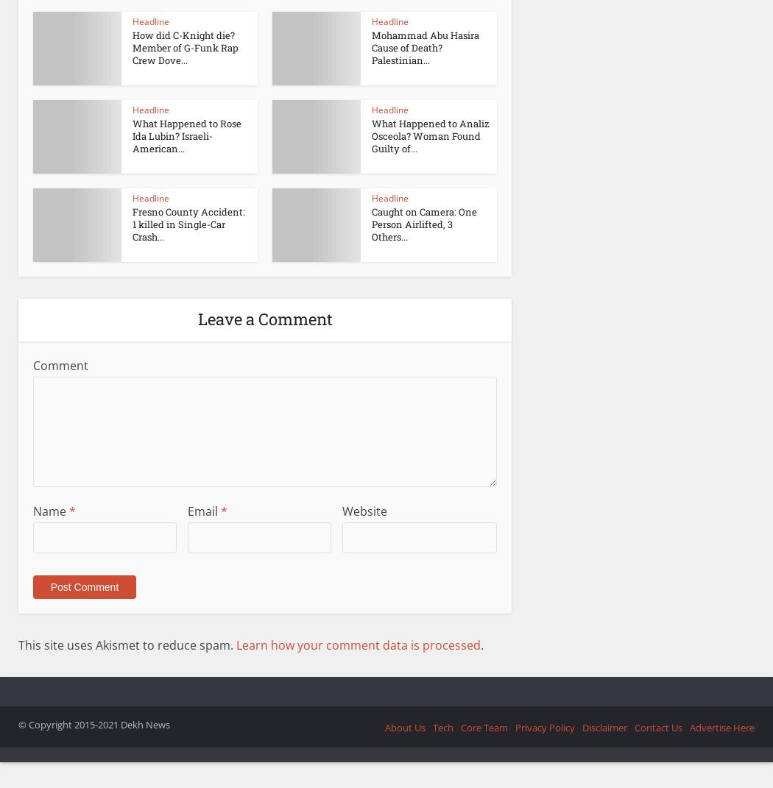 This screenshot has height=788, width=773. I want to click on 'Name', so click(50, 511).